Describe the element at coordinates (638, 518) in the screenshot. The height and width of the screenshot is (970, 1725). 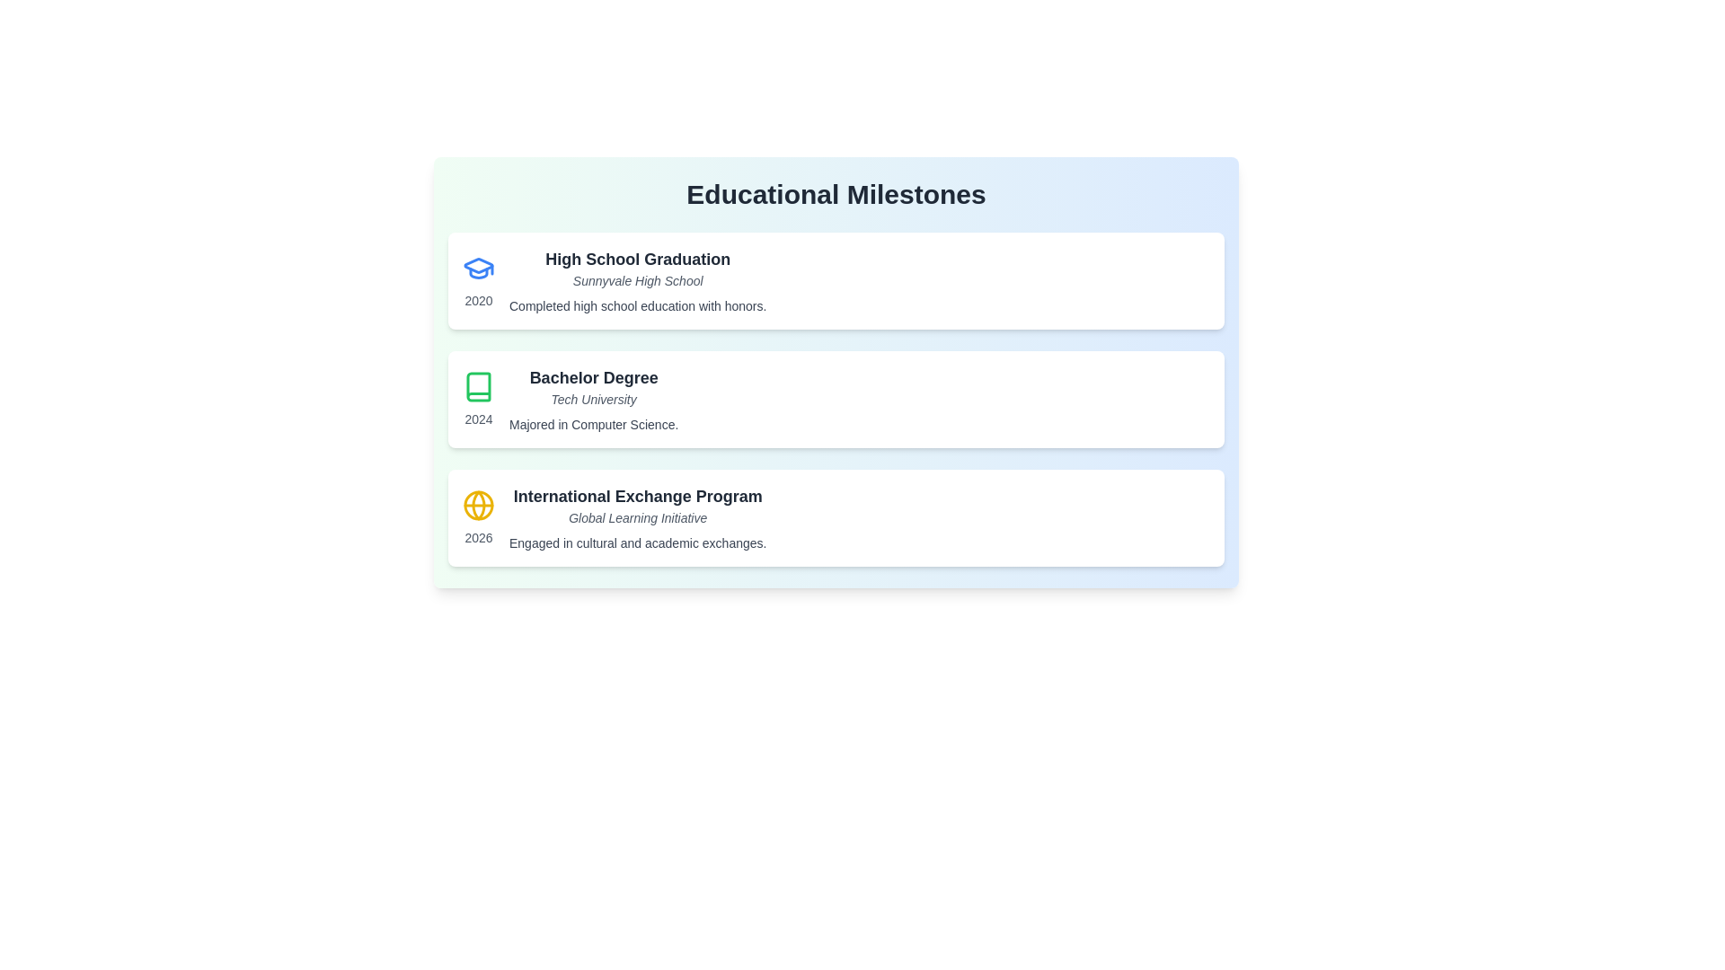
I see `text label styled in smaller gray italic font that reads 'Global Learning Initiative', positioned below the title 'International Exchange Program'` at that location.